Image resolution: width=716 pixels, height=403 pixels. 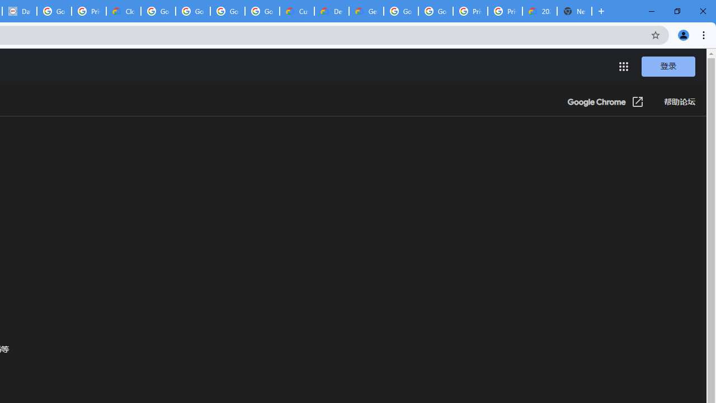 What do you see at coordinates (401, 11) in the screenshot?
I see `'Google Cloud Platform'` at bounding box center [401, 11].